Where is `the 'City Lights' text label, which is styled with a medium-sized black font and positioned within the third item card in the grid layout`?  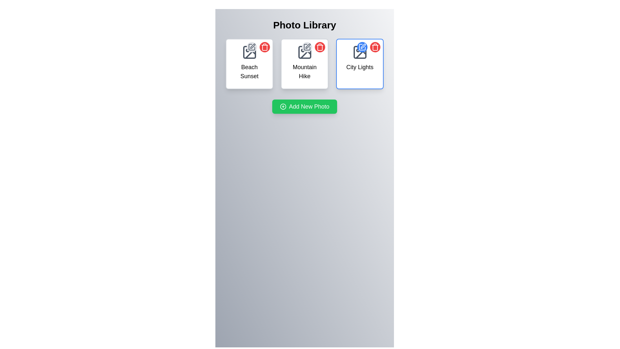 the 'City Lights' text label, which is styled with a medium-sized black font and positioned within the third item card in the grid layout is located at coordinates (359, 67).